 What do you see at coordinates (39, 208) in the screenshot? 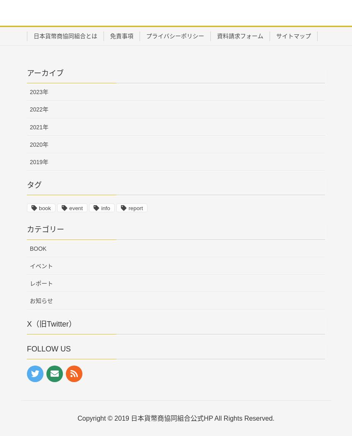
I see `'book'` at bounding box center [39, 208].